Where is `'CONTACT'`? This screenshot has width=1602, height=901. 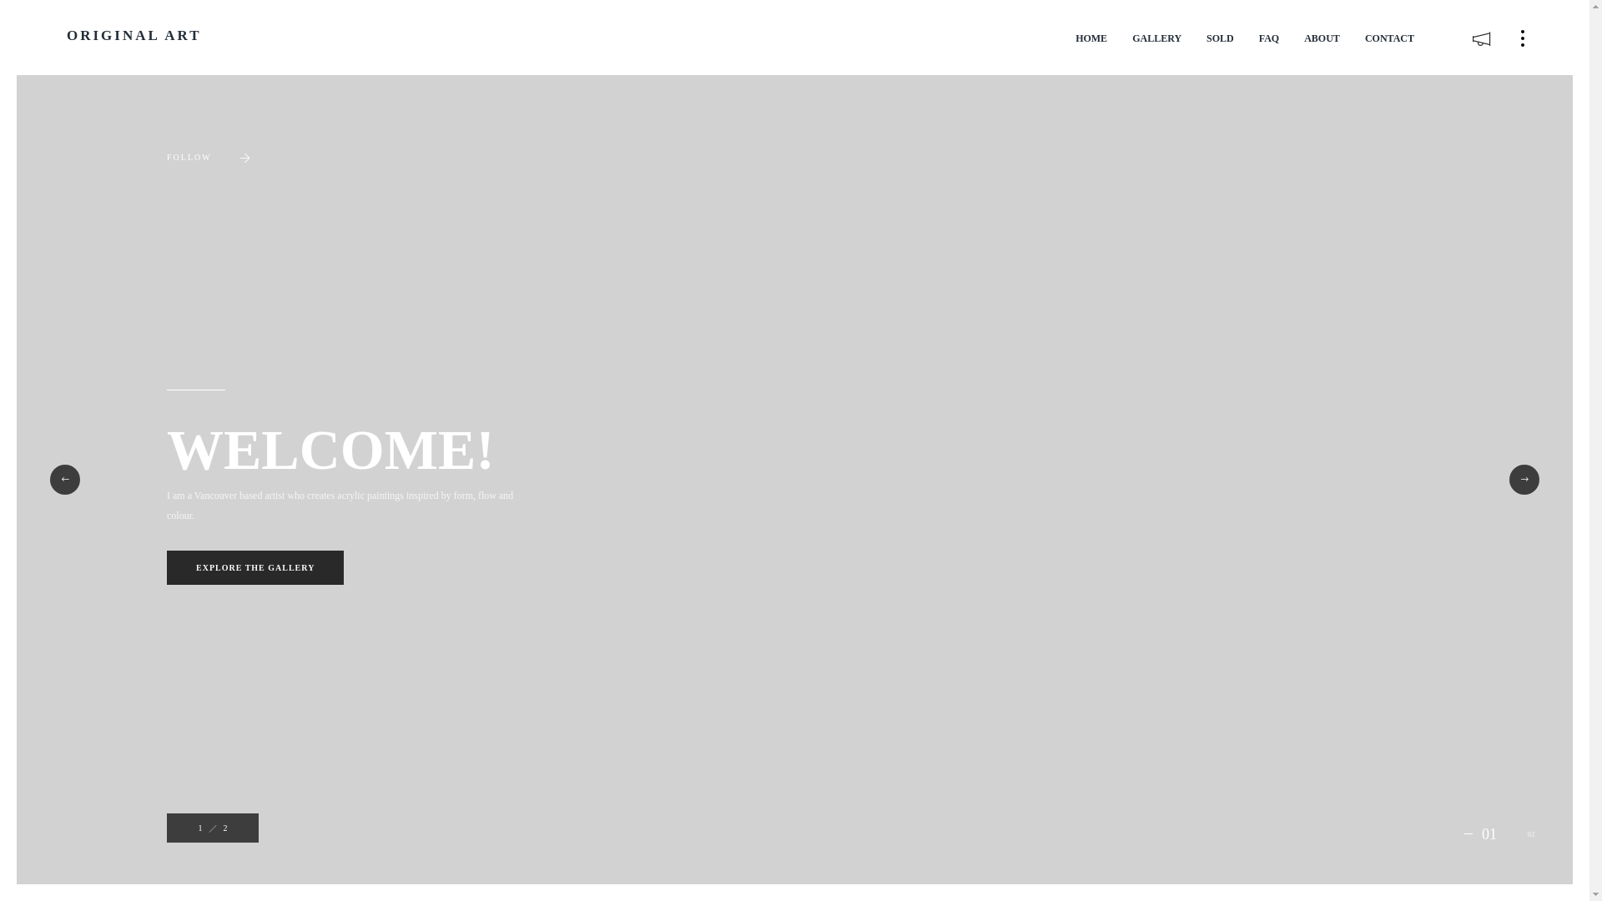
'CONTACT' is located at coordinates (1389, 38).